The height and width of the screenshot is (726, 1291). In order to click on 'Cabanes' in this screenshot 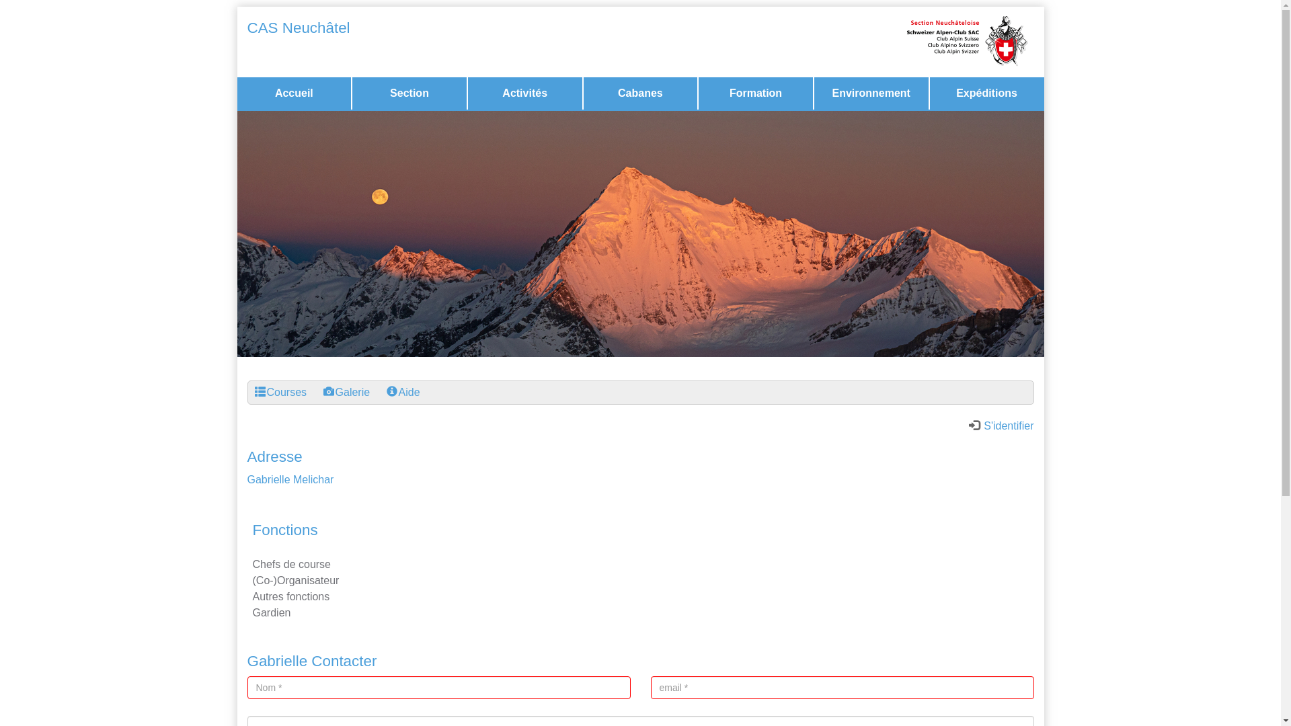, I will do `click(640, 92)`.